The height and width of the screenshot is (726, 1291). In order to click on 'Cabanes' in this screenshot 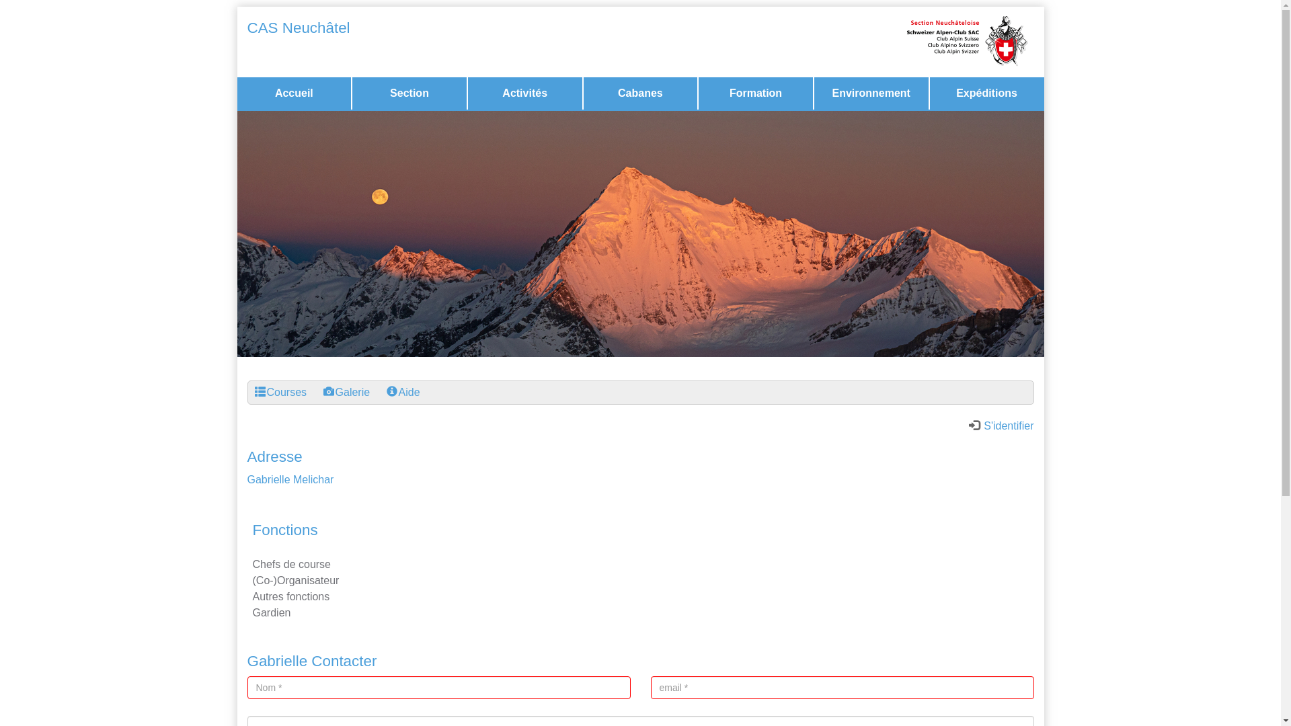, I will do `click(640, 92)`.